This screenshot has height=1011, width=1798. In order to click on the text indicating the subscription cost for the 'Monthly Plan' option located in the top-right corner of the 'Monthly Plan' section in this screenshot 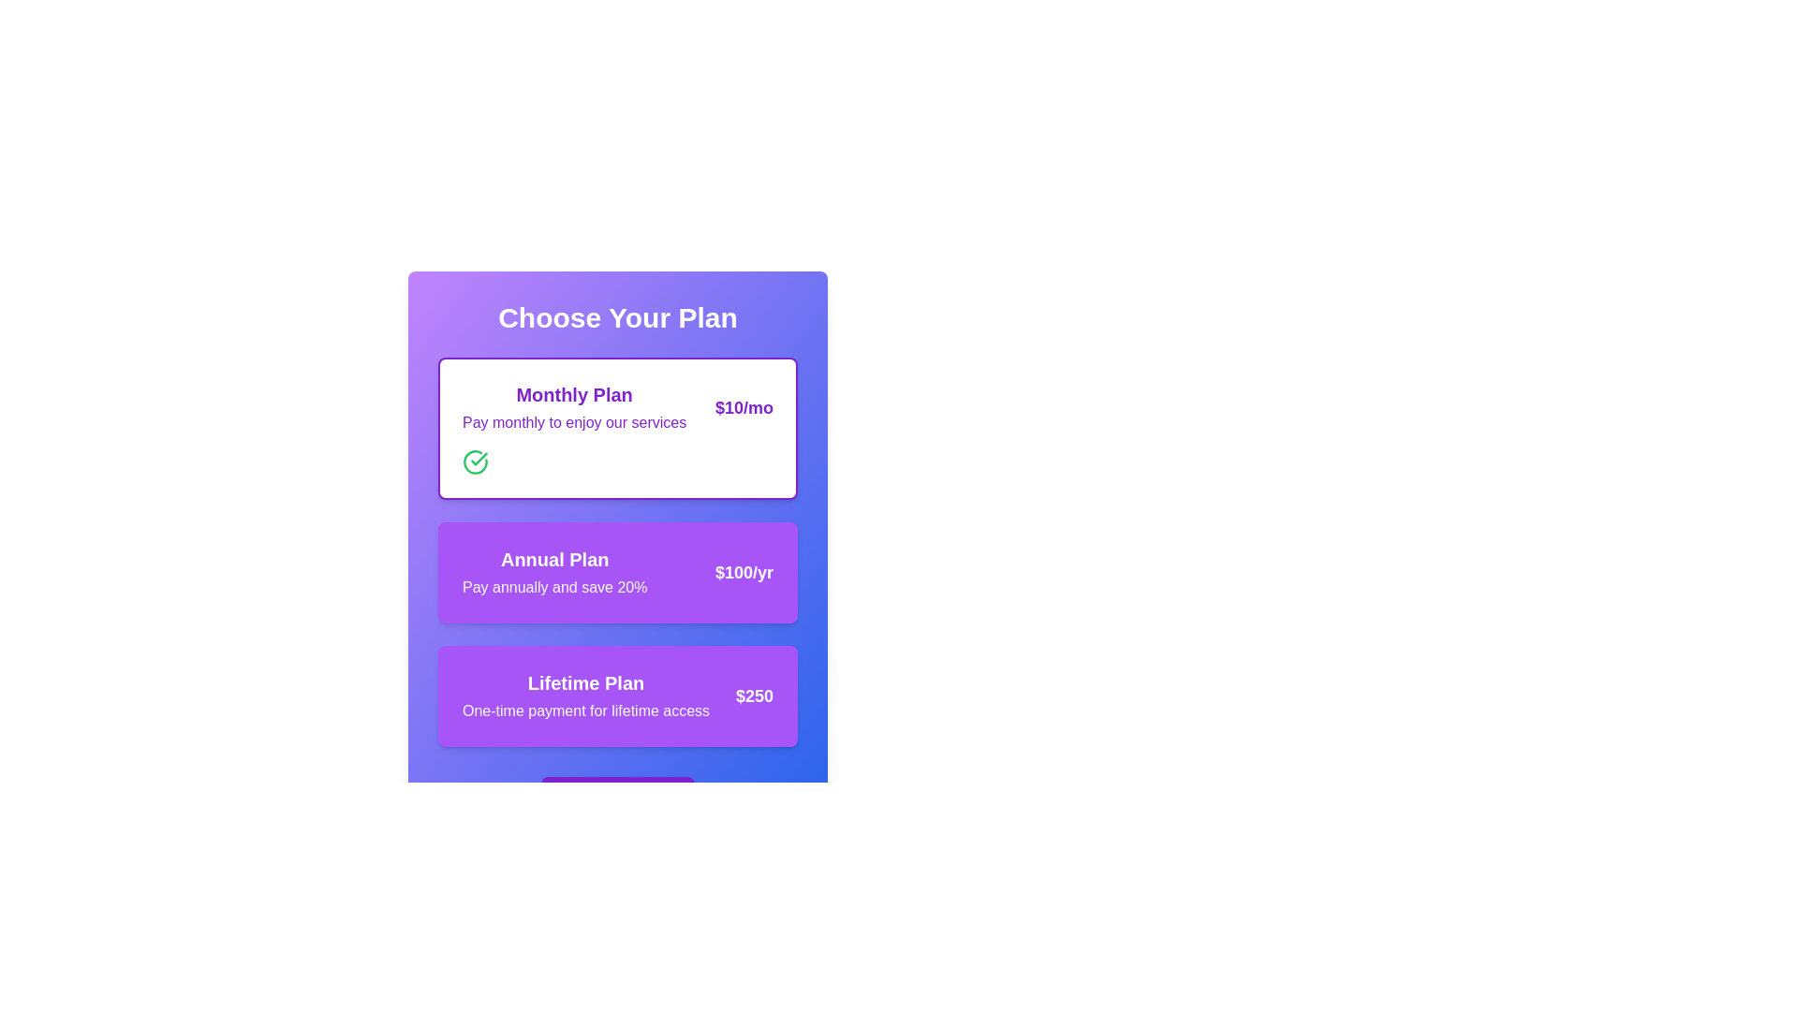, I will do `click(744, 406)`.